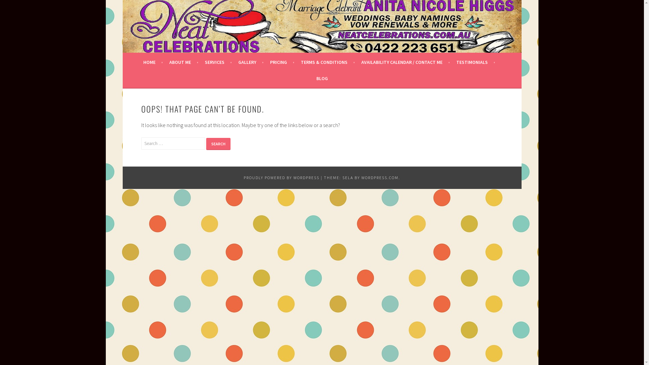 This screenshot has height=365, width=649. What do you see at coordinates (152, 62) in the screenshot?
I see `'HOME'` at bounding box center [152, 62].